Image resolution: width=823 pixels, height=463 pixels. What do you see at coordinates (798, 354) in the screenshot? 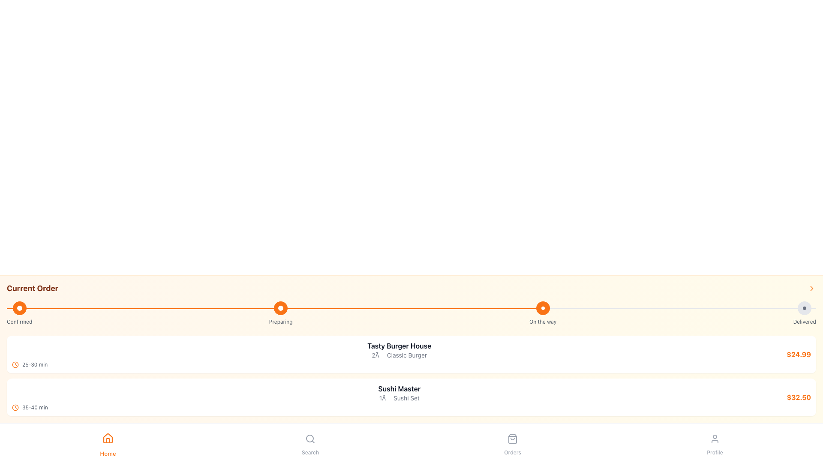
I see `displayed price from the Text Display located at the top-right corner of the order card, which shows crucial pricing details for the specific item` at bounding box center [798, 354].